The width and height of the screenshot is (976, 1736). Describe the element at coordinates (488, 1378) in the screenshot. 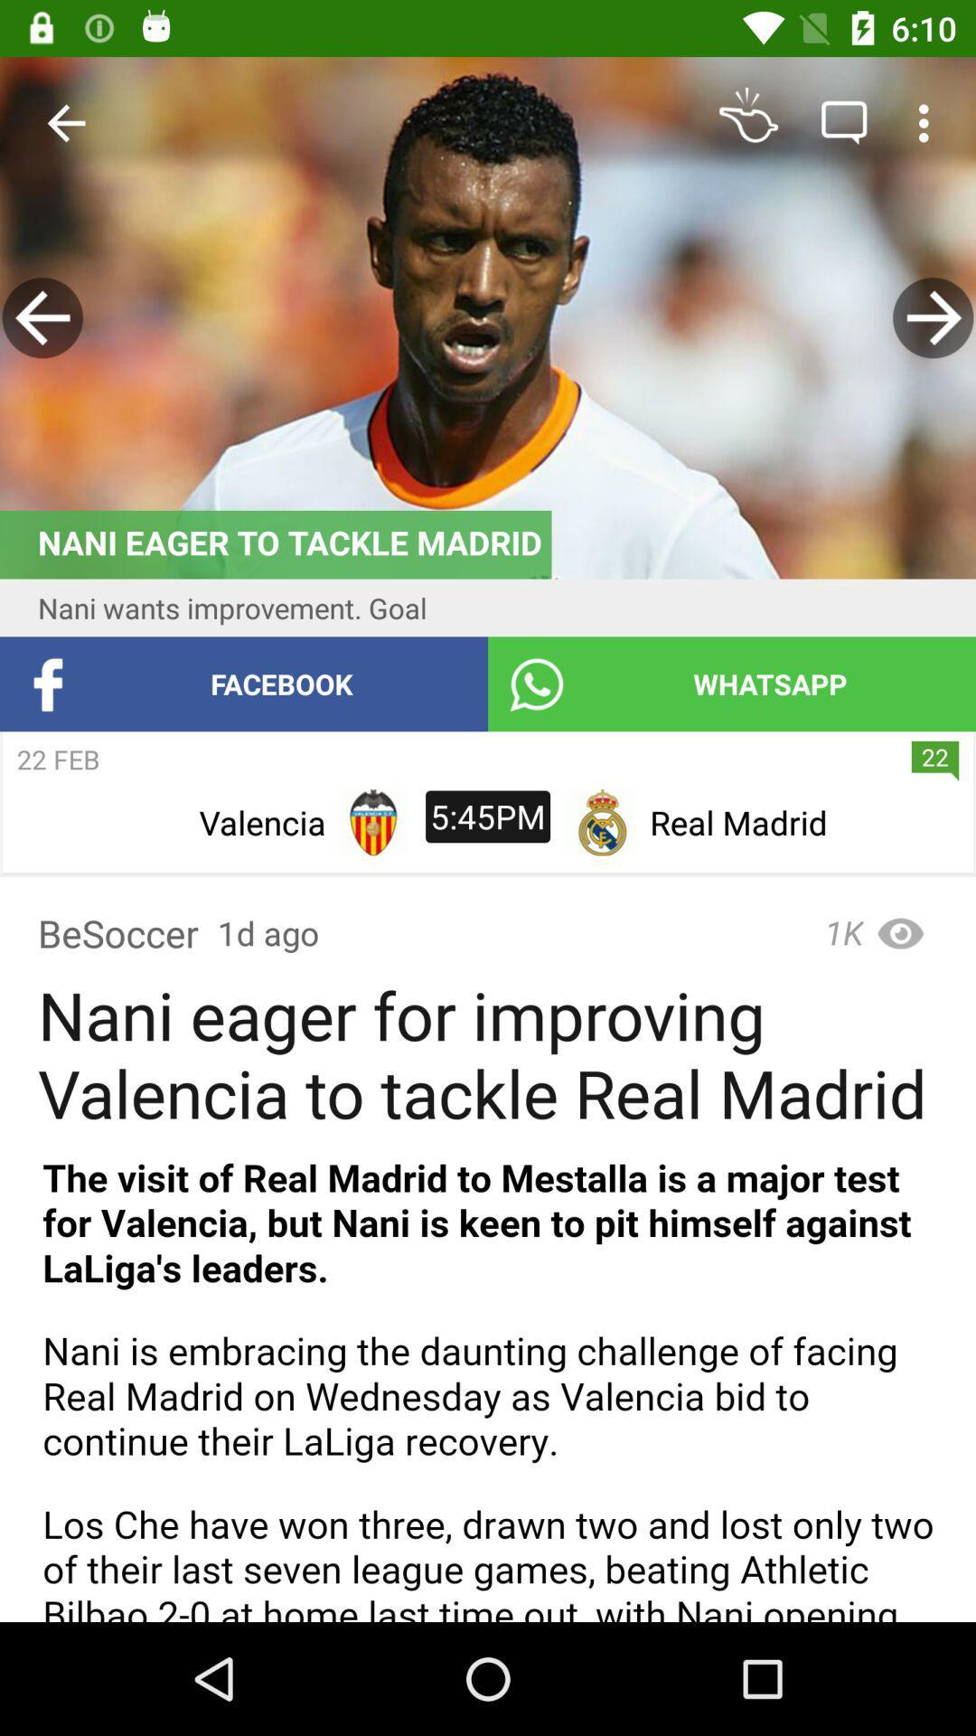

I see `click on text` at that location.